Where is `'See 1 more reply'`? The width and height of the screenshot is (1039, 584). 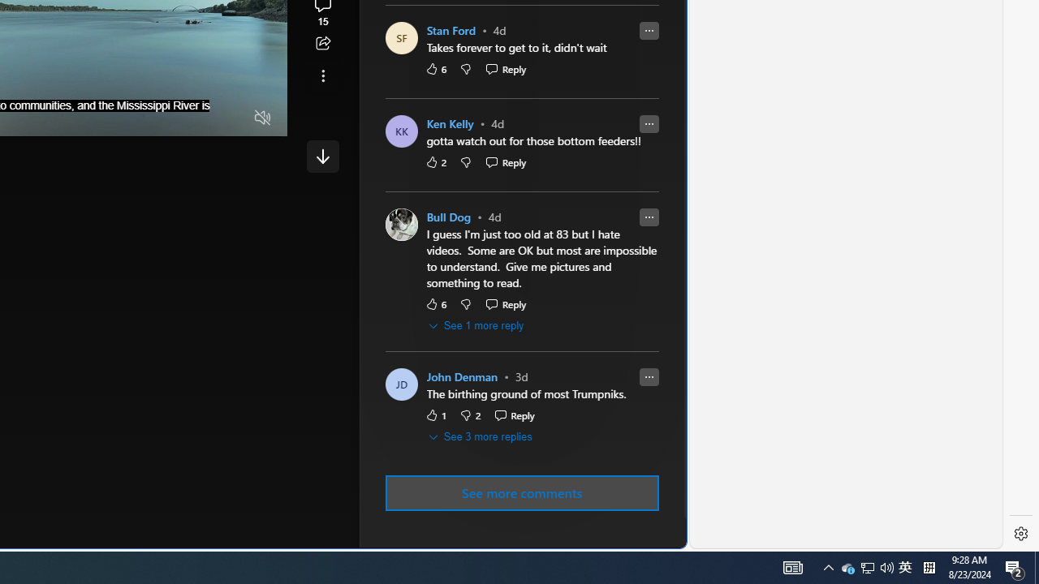 'See 1 more reply' is located at coordinates (476, 326).